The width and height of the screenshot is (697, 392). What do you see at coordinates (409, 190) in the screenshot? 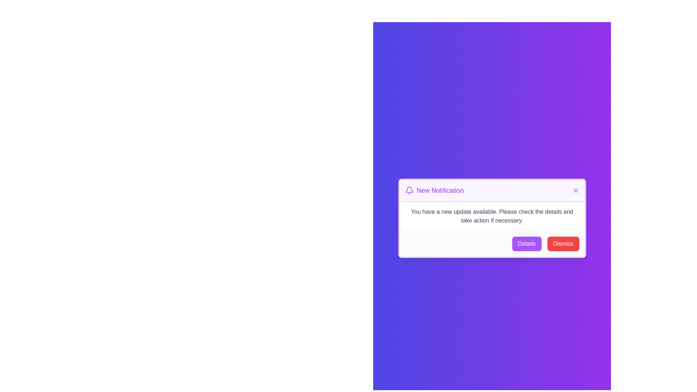
I see `the purple notification bell icon located to the left of the 'New Notification' text` at bounding box center [409, 190].